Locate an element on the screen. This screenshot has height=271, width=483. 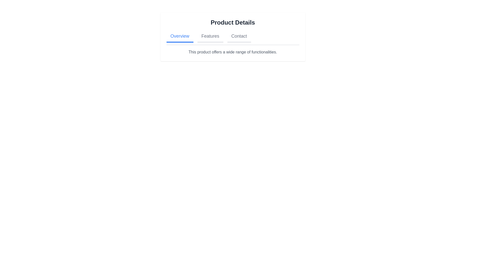
the Plain text element displaying the message 'This product offers a wide range of functionalities.' which is located below the navigation section and under the title 'Product Details.' is located at coordinates (232, 52).